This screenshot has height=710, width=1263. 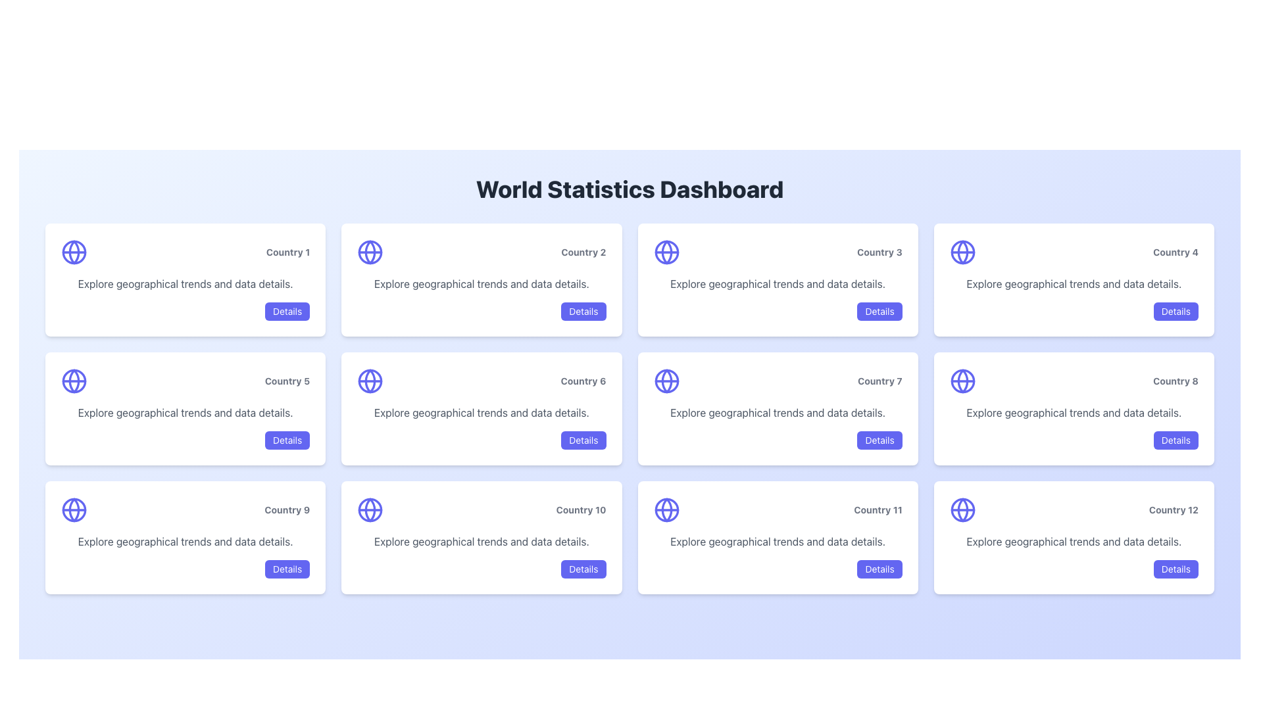 What do you see at coordinates (185, 412) in the screenshot?
I see `descriptive text label related to 'Country 5', which is positioned below the title and globe icon, and above the 'Details' button in the first card of the second row` at bounding box center [185, 412].